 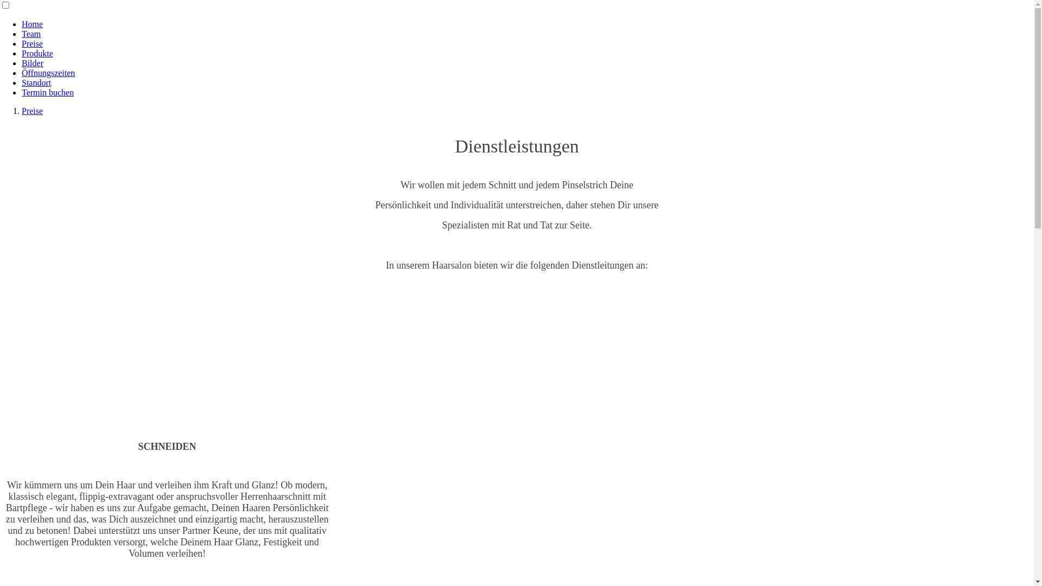 What do you see at coordinates (36, 82) in the screenshot?
I see `'Standort'` at bounding box center [36, 82].